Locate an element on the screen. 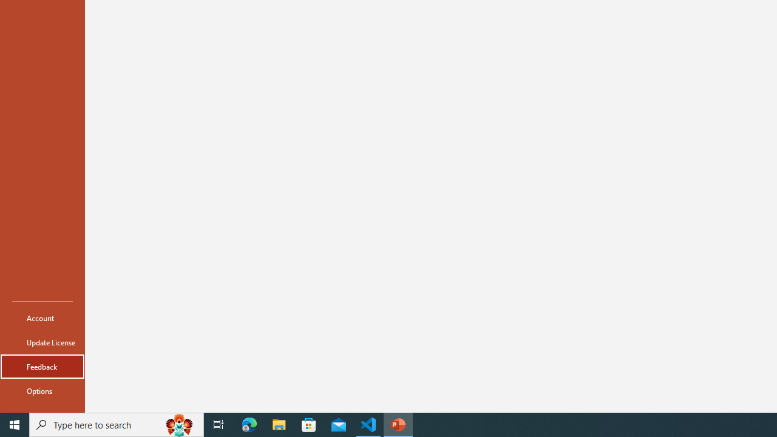 The width and height of the screenshot is (777, 437). 'Options' is located at coordinates (42, 391).